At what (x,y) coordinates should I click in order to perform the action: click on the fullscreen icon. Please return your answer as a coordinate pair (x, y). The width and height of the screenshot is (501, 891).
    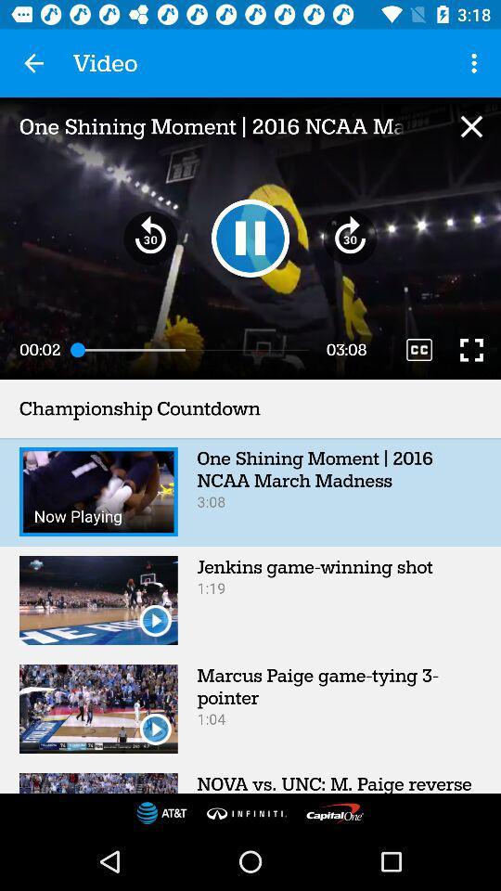
    Looking at the image, I should click on (471, 349).